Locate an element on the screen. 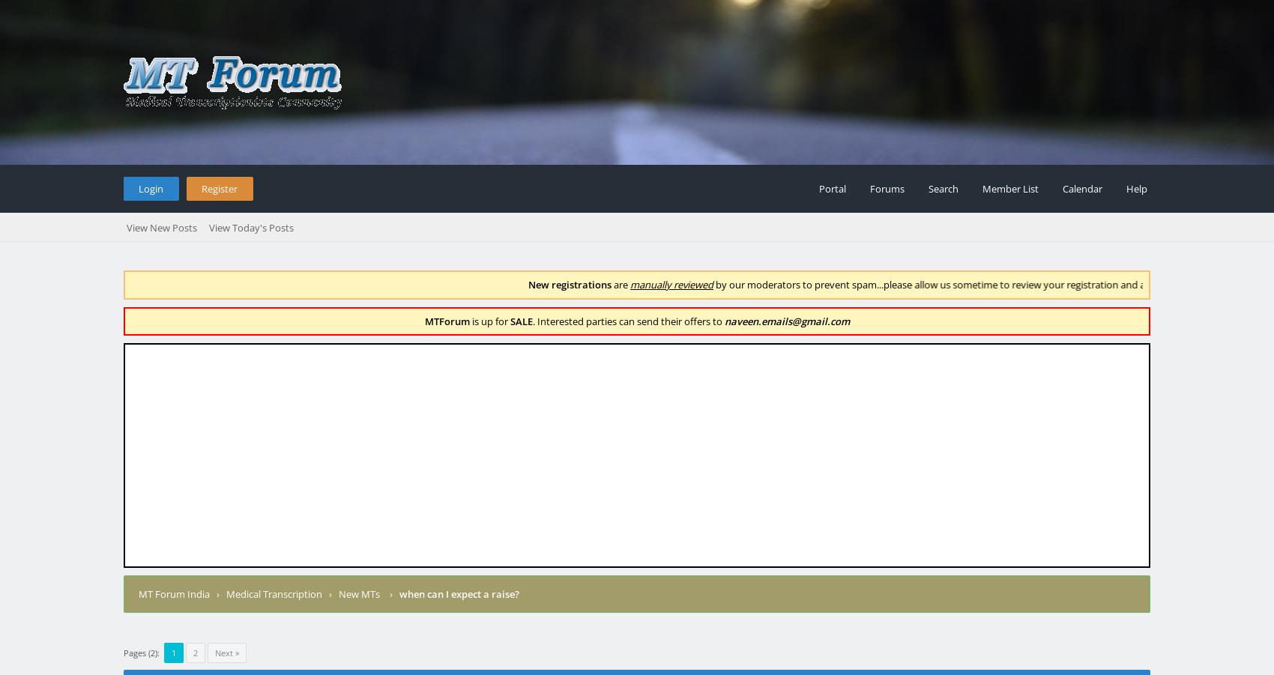 The height and width of the screenshot is (675, 1274). 'manually reviewed' is located at coordinates (639, 284).